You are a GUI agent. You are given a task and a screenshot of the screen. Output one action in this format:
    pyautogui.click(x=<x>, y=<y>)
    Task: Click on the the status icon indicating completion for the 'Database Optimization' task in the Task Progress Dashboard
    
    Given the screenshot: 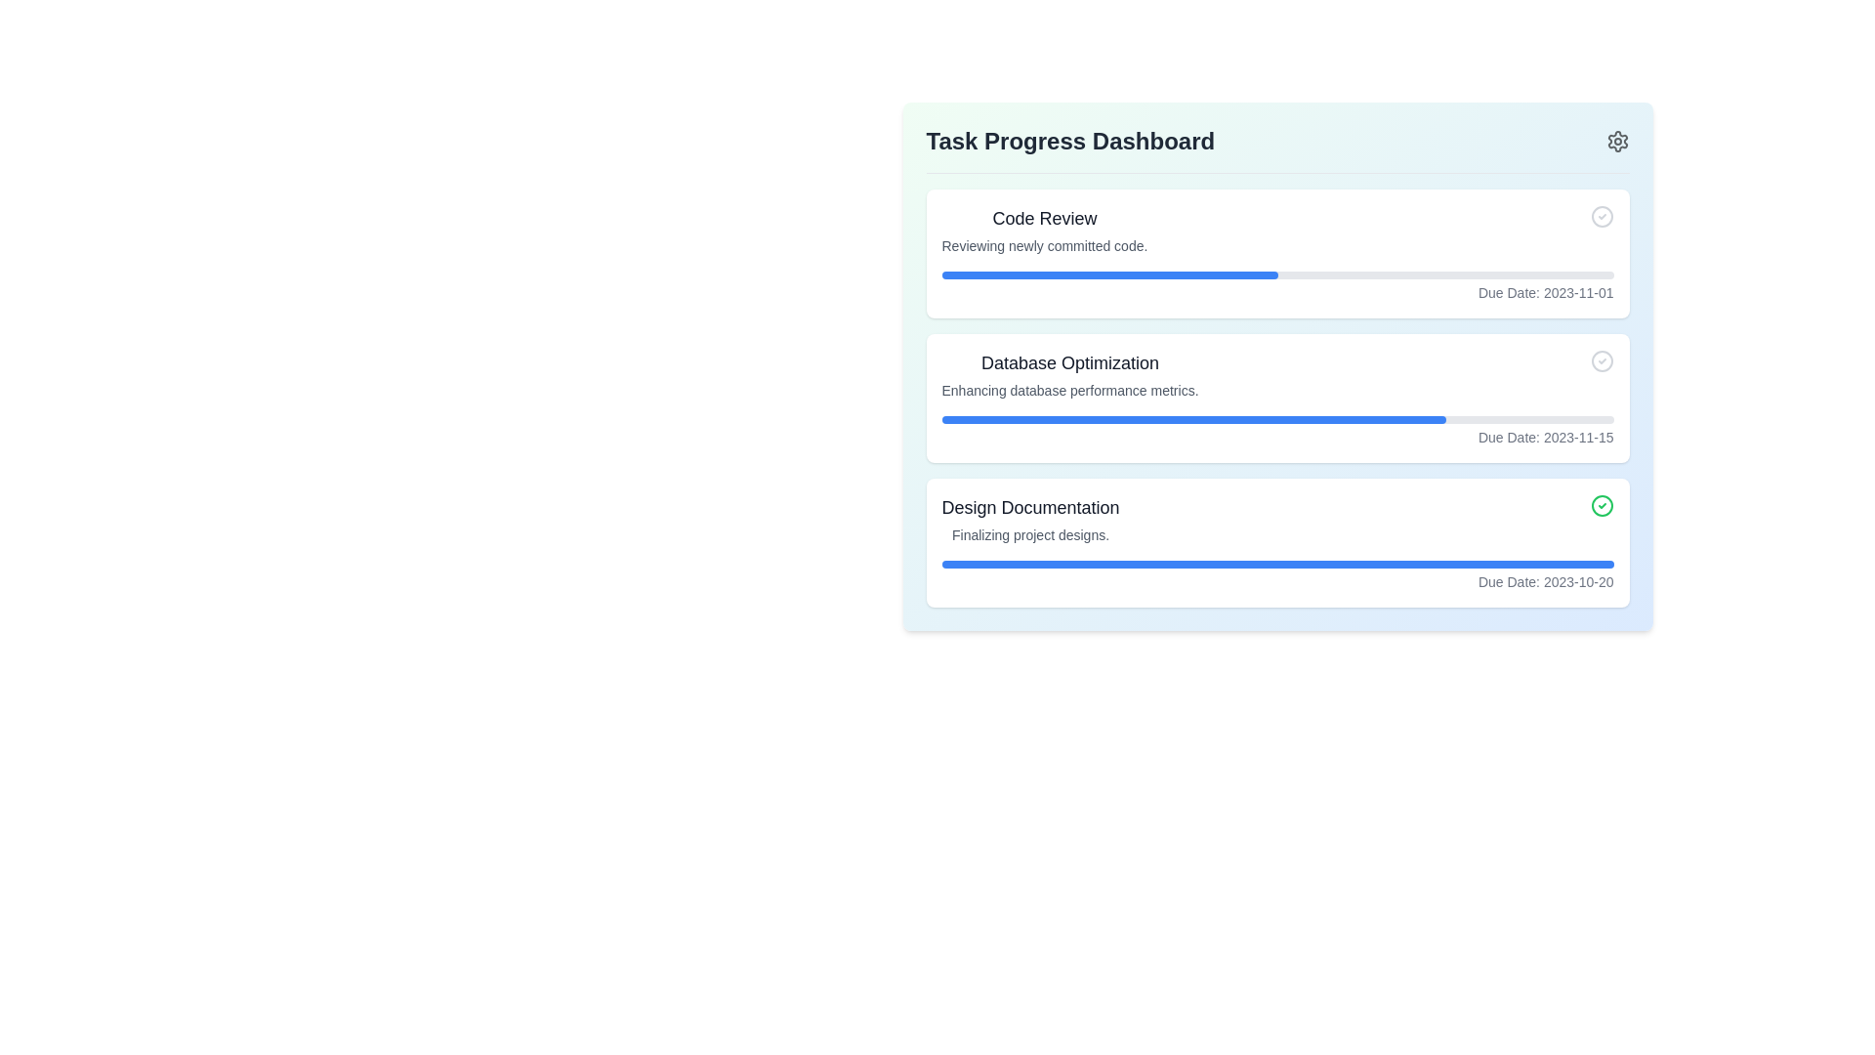 What is the action you would take?
    pyautogui.click(x=1602, y=361)
    